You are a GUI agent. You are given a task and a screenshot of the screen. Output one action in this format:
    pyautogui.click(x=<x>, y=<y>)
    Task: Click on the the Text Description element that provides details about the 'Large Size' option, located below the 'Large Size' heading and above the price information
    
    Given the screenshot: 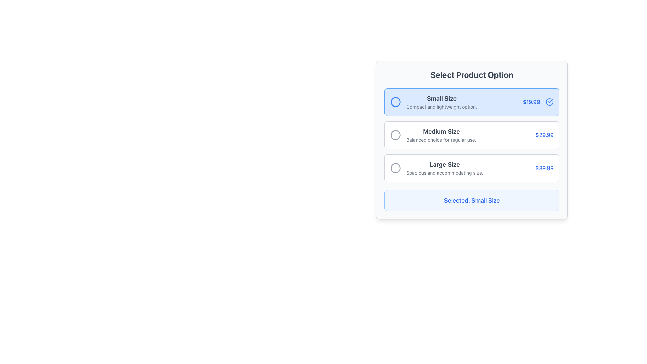 What is the action you would take?
    pyautogui.click(x=445, y=173)
    